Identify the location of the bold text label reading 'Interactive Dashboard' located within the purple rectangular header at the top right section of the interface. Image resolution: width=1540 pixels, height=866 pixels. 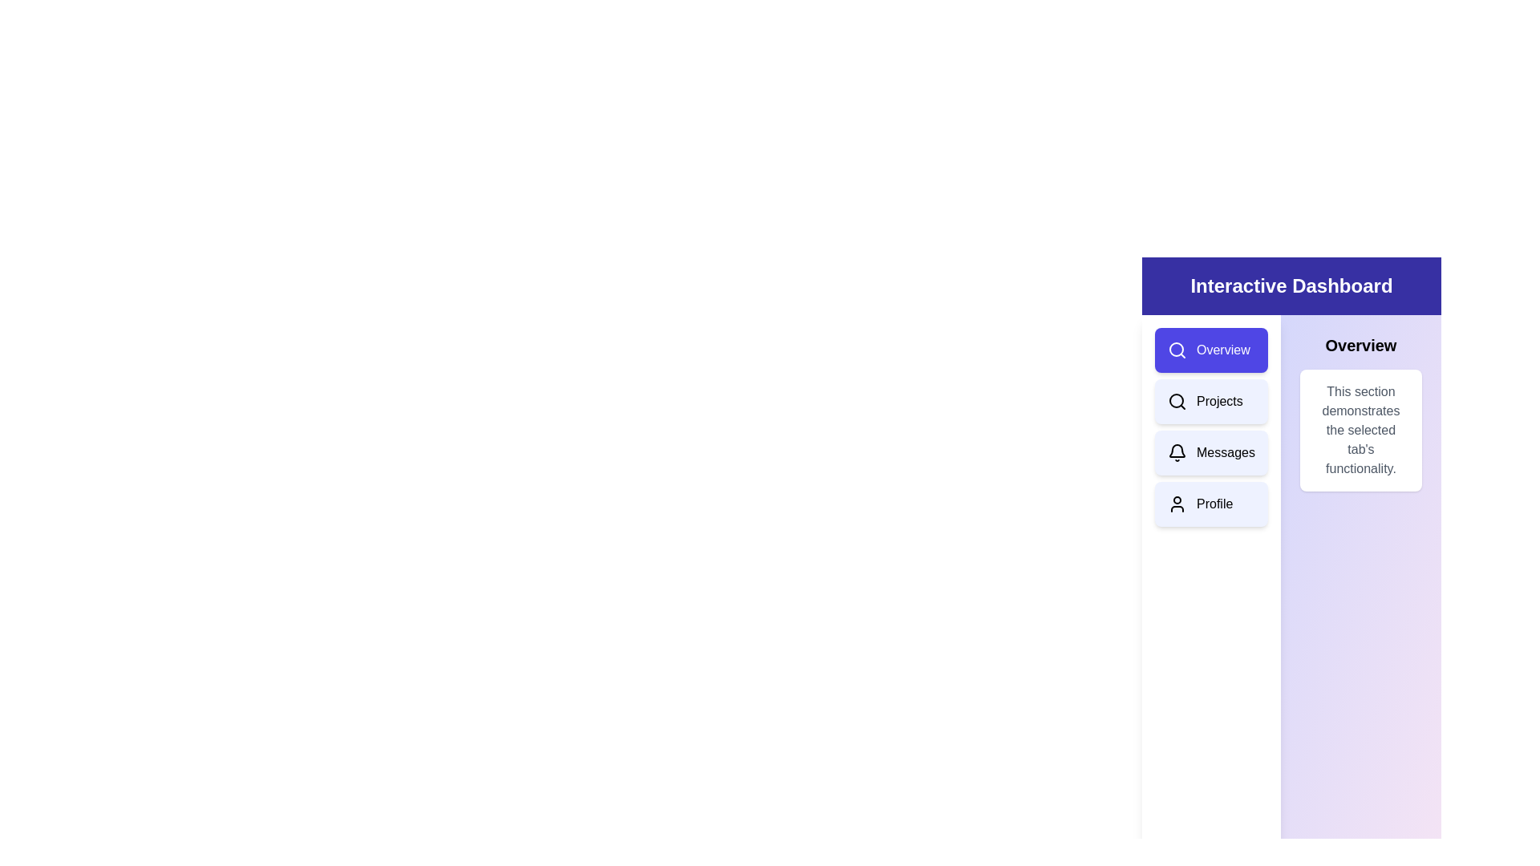
(1291, 285).